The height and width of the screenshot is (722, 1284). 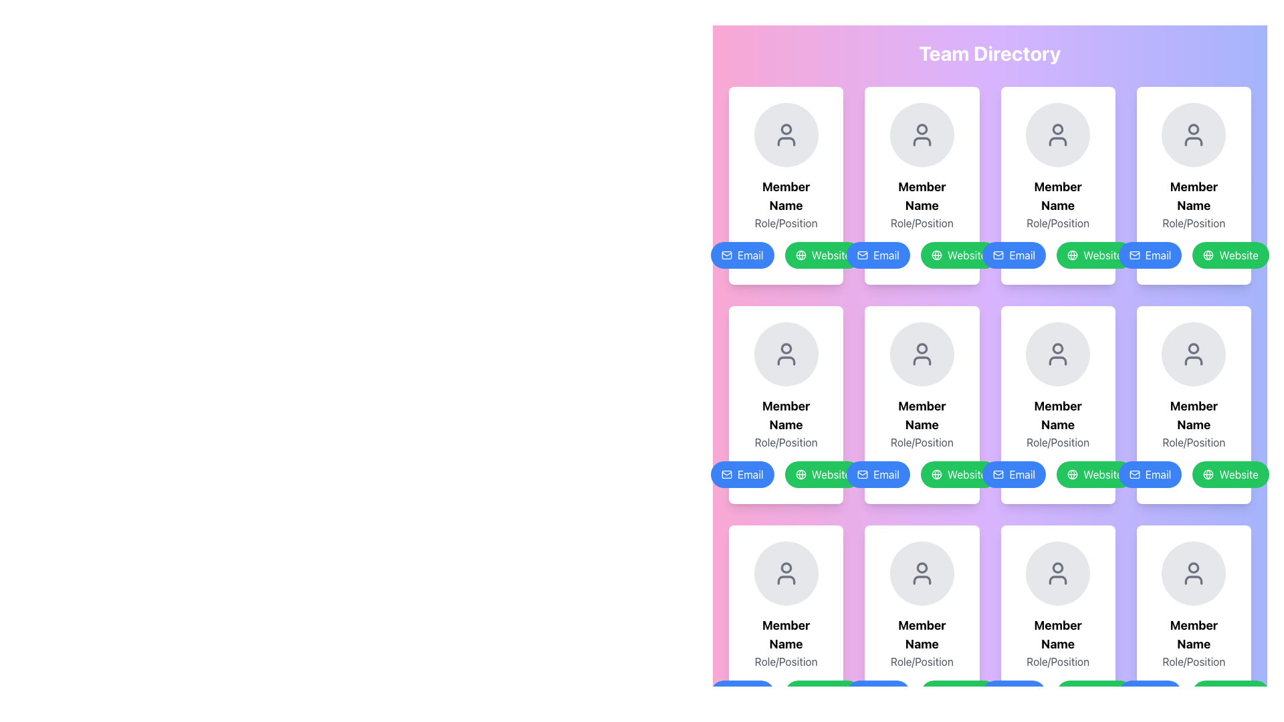 What do you see at coordinates (863, 473) in the screenshot?
I see `the blue rectangular shape with rounded corners that is part of the email icon located within the button labeled 'Email' in the bottom row, second column of the grid layout of member cards` at bounding box center [863, 473].